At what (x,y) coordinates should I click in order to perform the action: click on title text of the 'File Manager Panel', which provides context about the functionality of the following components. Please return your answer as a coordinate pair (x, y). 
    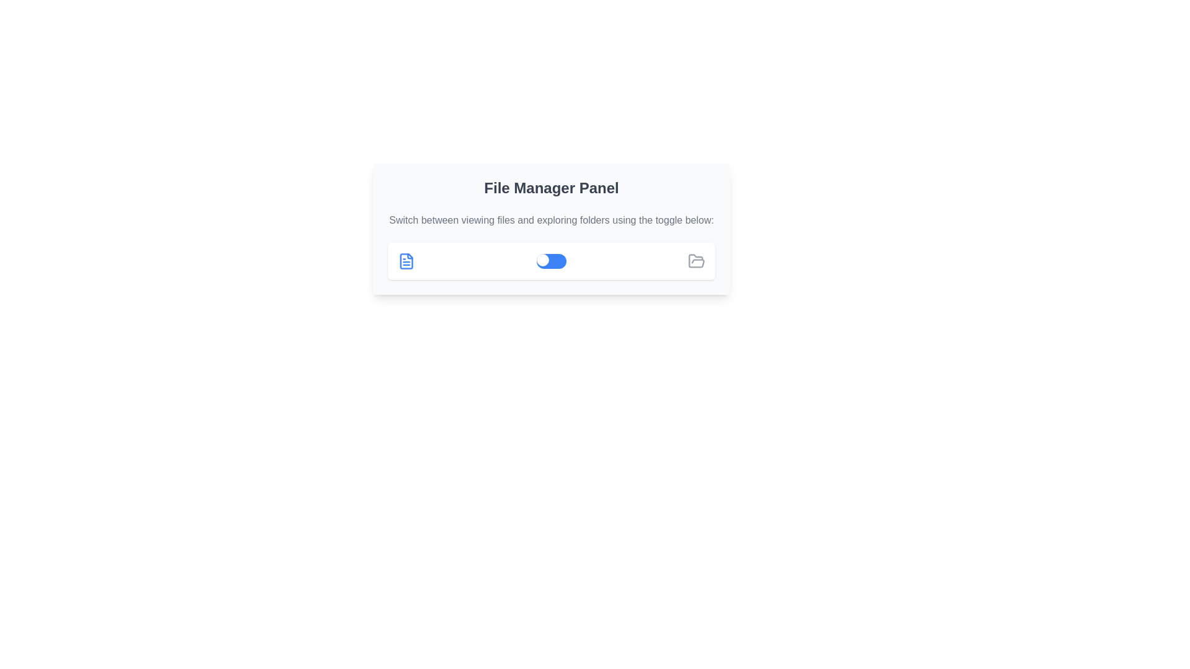
    Looking at the image, I should click on (550, 188).